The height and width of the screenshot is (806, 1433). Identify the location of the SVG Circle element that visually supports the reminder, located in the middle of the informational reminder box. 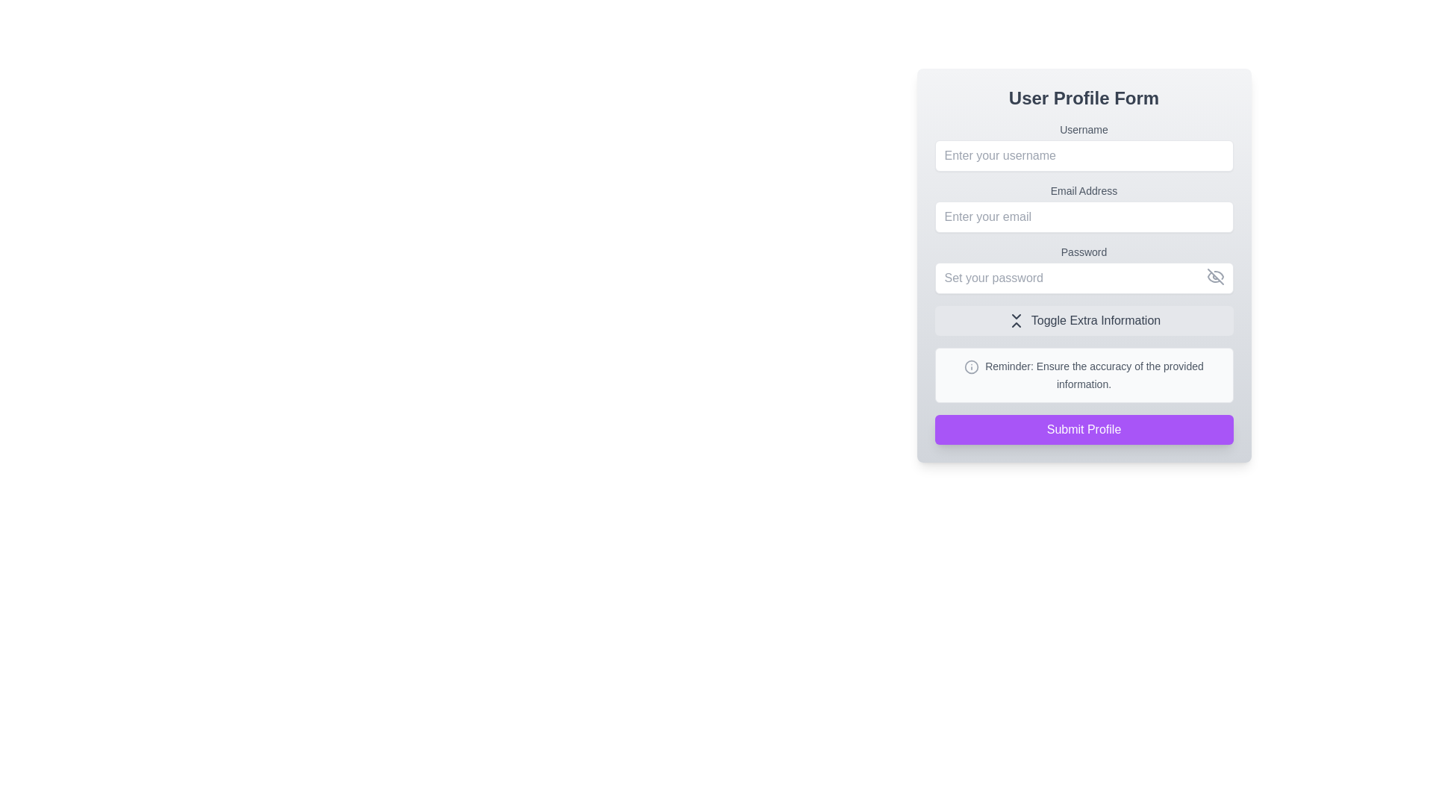
(972, 366).